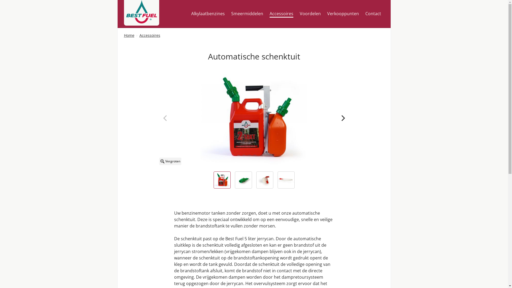 This screenshot has width=512, height=288. I want to click on 'Vergroten', so click(170, 161).